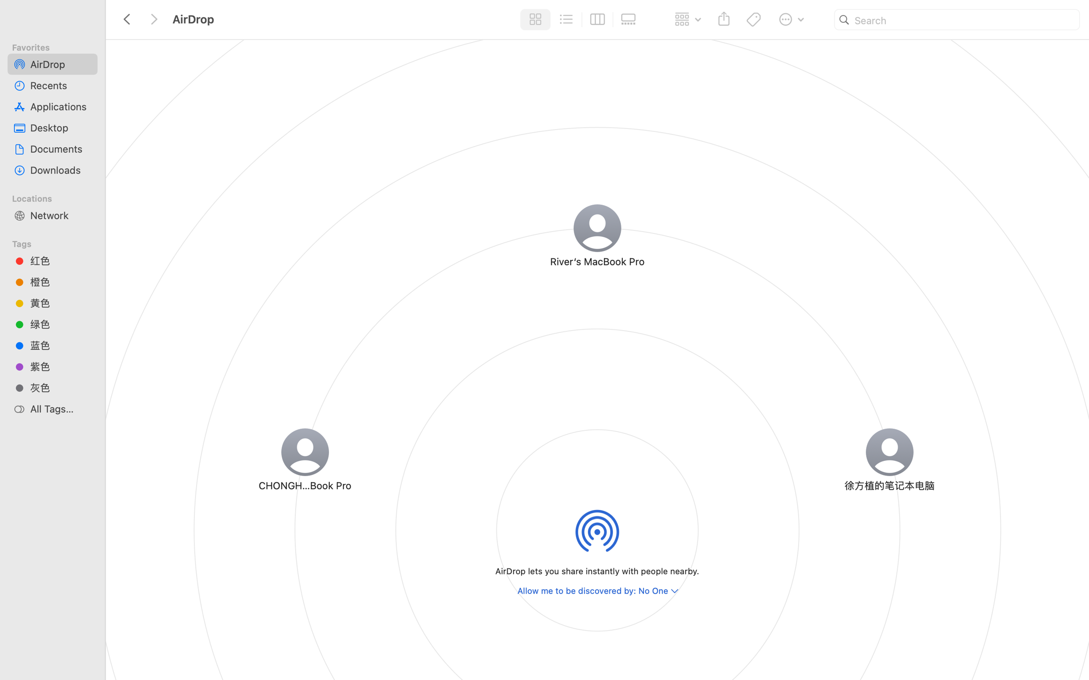 This screenshot has width=1089, height=680. I want to click on 'Downloads', so click(60, 170).